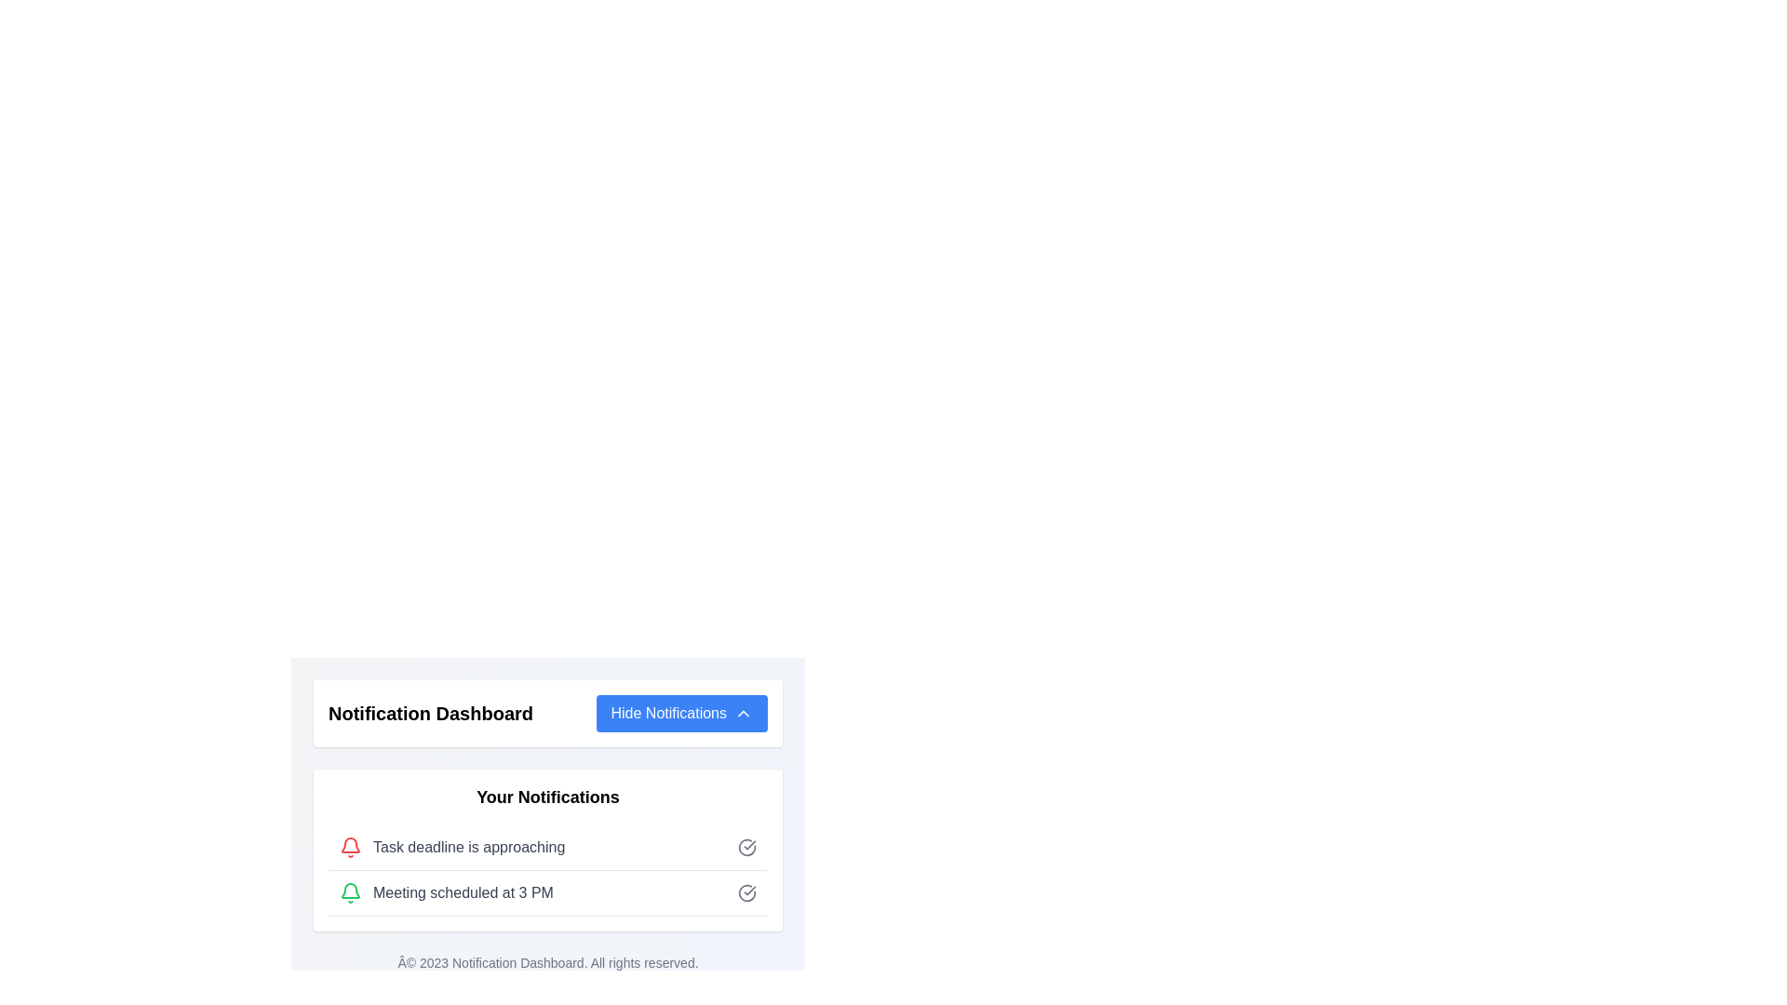  What do you see at coordinates (742, 713) in the screenshot?
I see `the icon on the blue rectangular button labeled 'Hide Notifications' located in the top-right corner of the notification dashboard header` at bounding box center [742, 713].